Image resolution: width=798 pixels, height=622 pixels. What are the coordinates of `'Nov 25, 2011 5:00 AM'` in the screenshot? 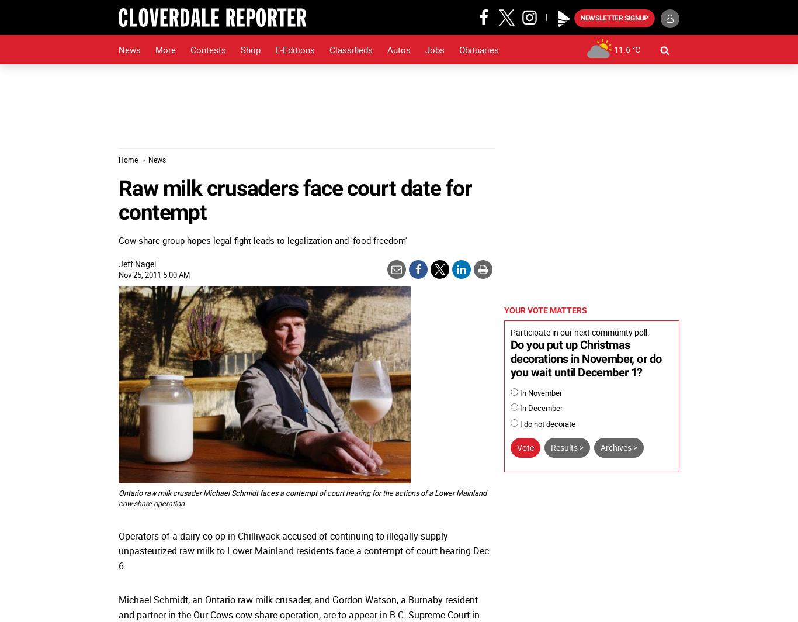 It's located at (154, 274).